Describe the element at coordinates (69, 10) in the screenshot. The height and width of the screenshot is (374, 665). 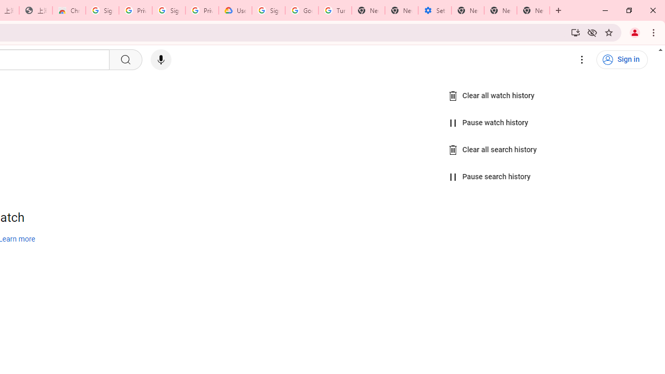
I see `'Chrome Web Store - Color themes by Chrome'` at that location.